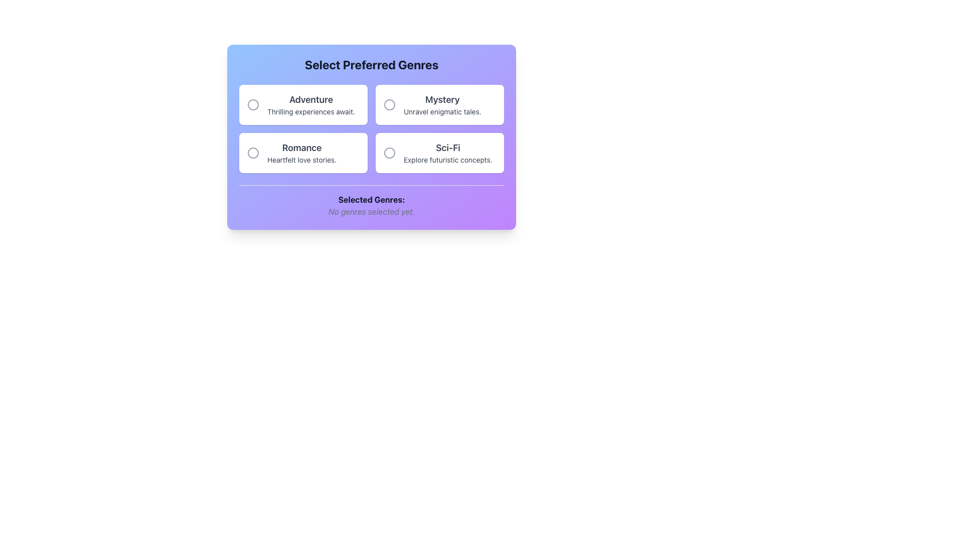 This screenshot has width=963, height=542. What do you see at coordinates (447, 160) in the screenshot?
I see `the descriptive subtitle text for the genre 'Sci-Fi'` at bounding box center [447, 160].